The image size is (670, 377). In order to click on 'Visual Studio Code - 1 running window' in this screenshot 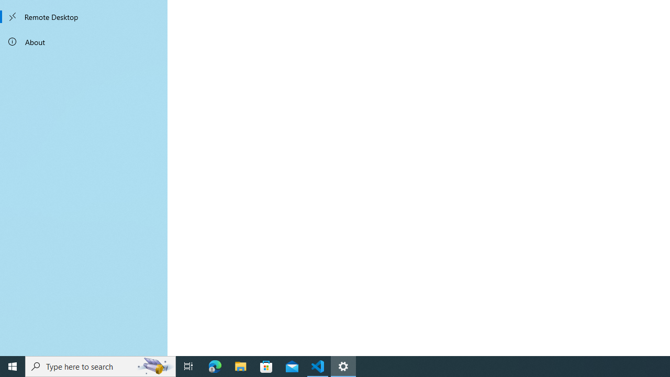, I will do `click(317, 365)`.